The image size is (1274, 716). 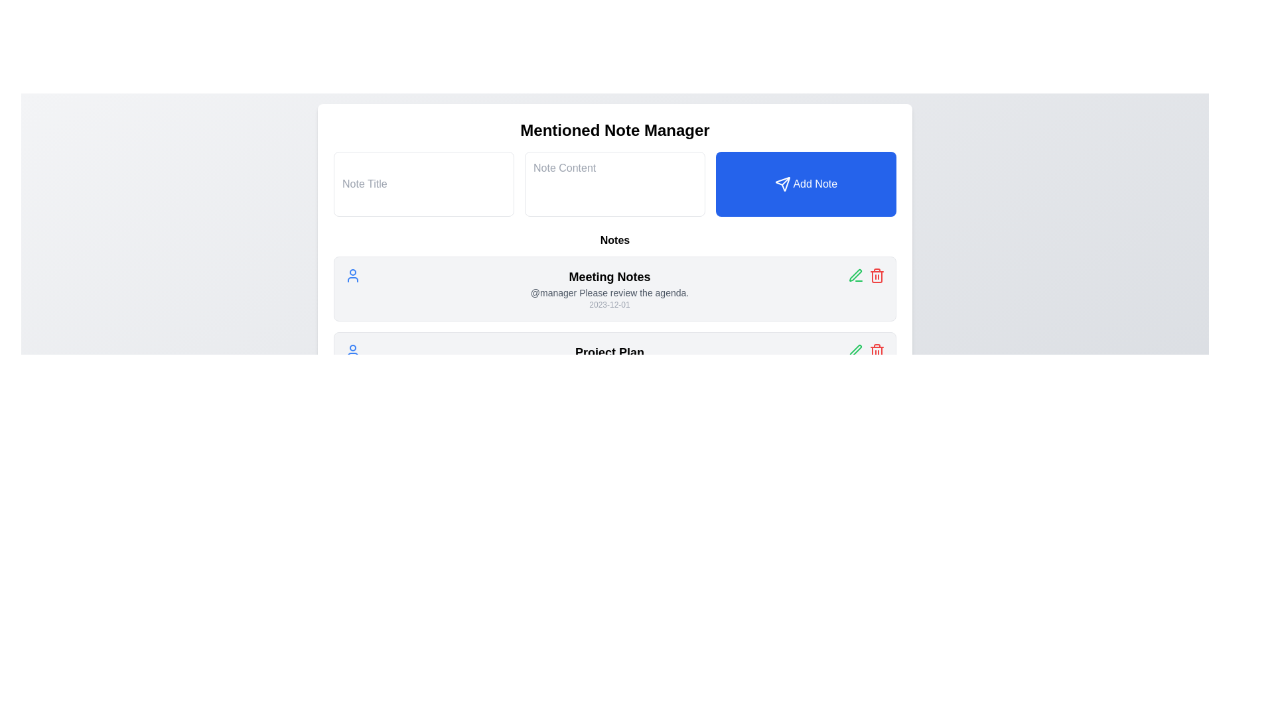 What do you see at coordinates (353, 350) in the screenshot?
I see `the user profile silhouette icon located in the notification card labeled 'Project Plan'` at bounding box center [353, 350].